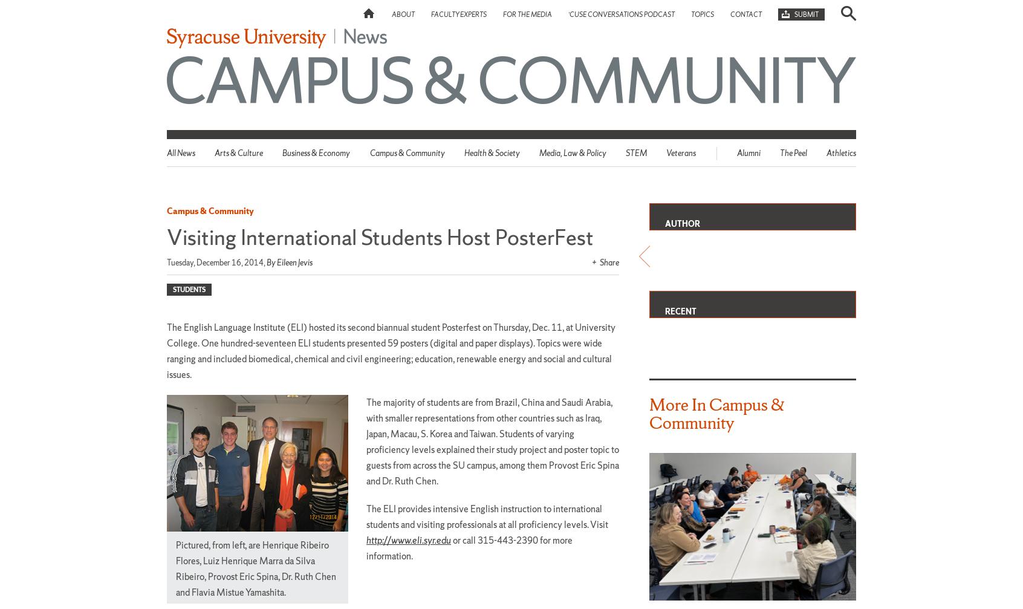  Describe the element at coordinates (620, 13) in the screenshot. I see `'’Cuse Conversations Podcast'` at that location.